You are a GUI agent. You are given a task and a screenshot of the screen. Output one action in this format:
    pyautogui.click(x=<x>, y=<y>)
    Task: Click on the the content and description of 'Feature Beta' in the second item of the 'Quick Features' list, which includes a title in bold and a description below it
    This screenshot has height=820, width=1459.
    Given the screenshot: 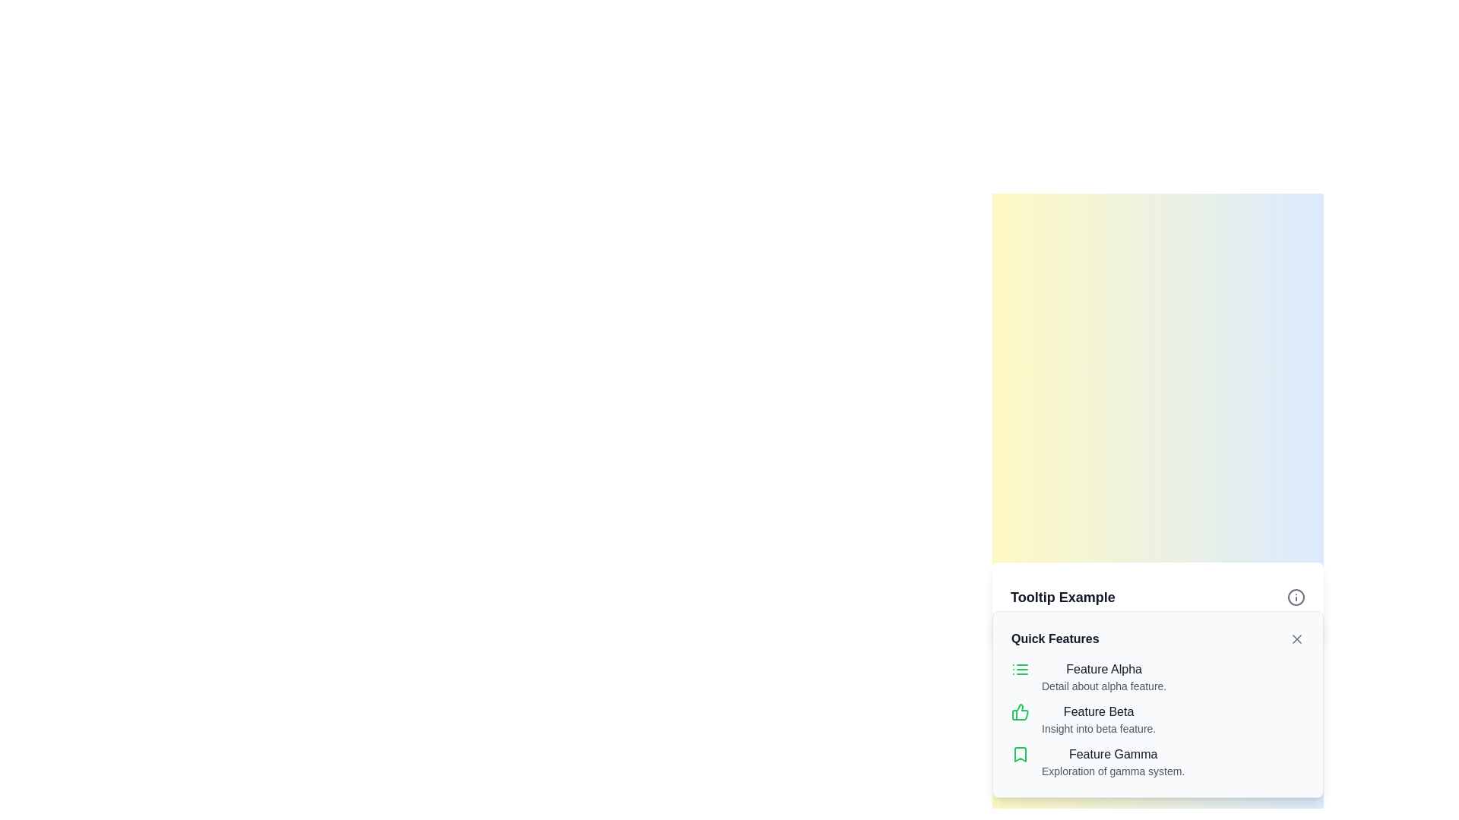 What is the action you would take?
    pyautogui.click(x=1157, y=719)
    